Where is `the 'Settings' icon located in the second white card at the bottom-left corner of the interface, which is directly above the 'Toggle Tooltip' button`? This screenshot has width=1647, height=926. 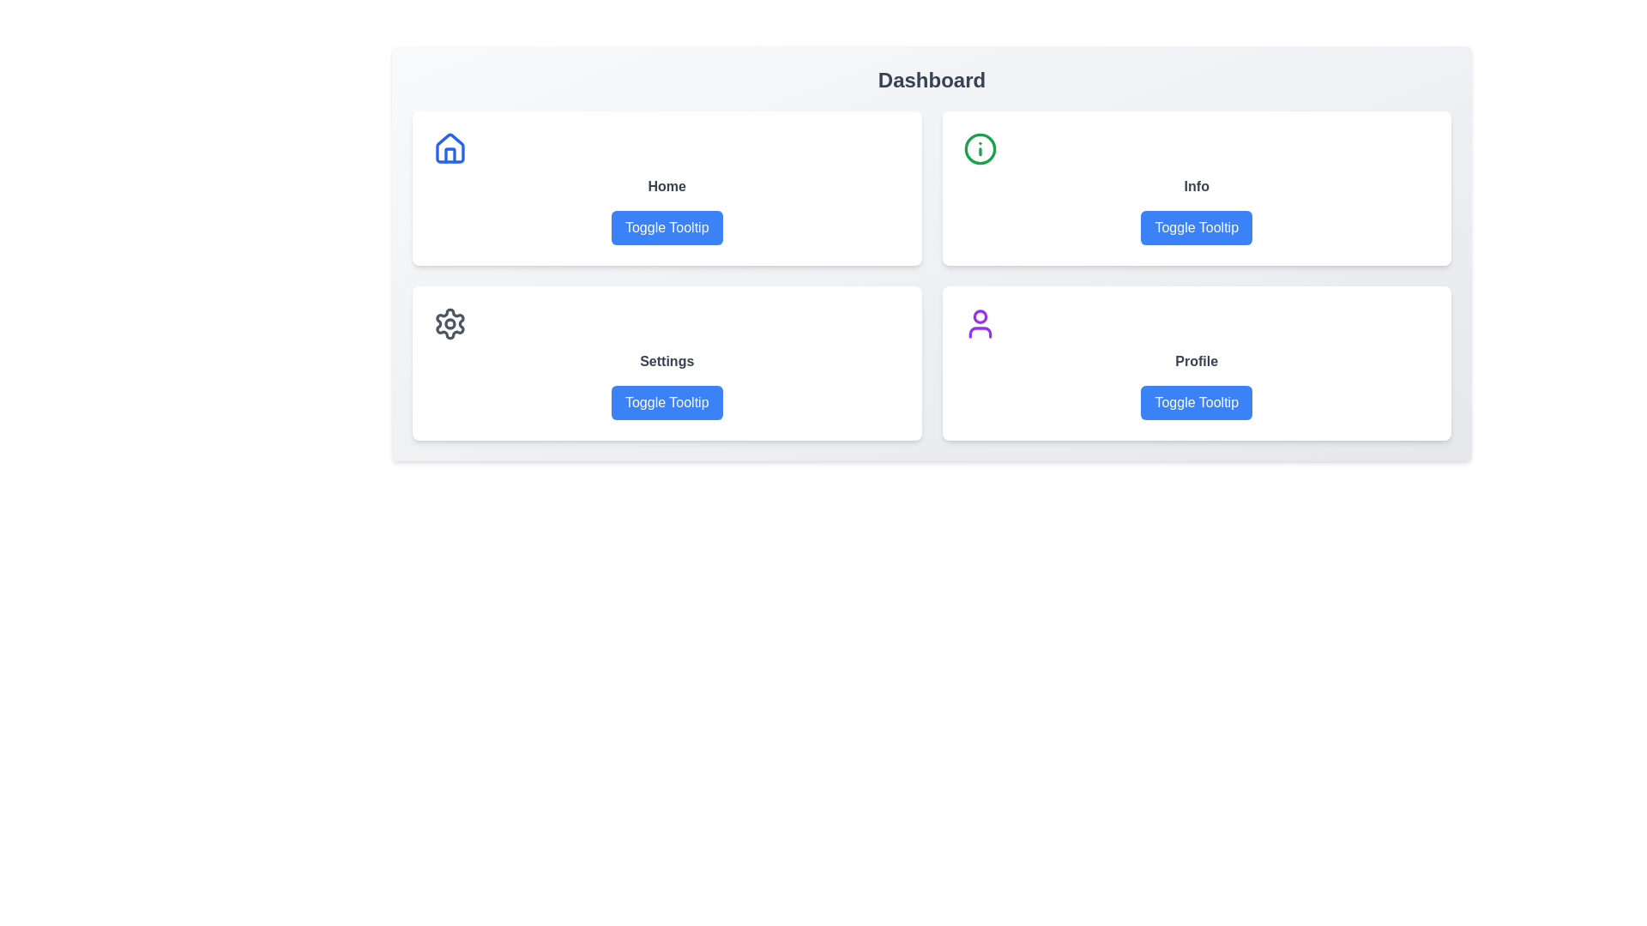
the 'Settings' icon located in the second white card at the bottom-left corner of the interface, which is directly above the 'Toggle Tooltip' button is located at coordinates (449, 324).